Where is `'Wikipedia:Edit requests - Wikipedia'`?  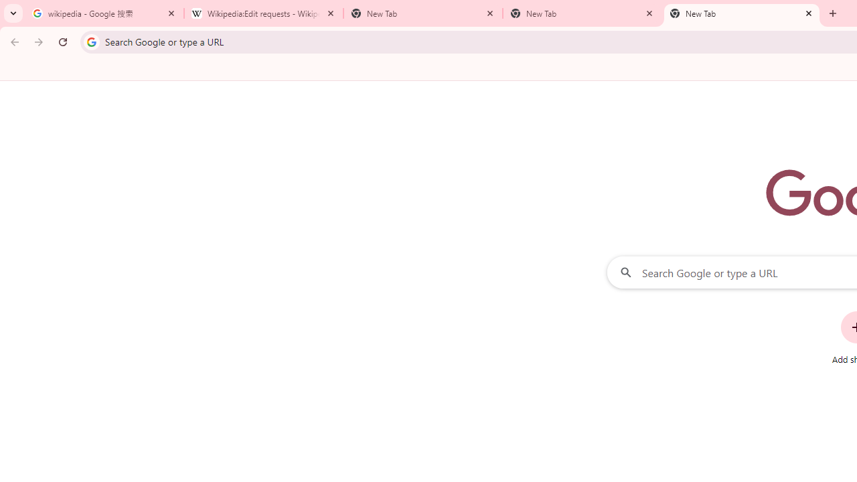
'Wikipedia:Edit requests - Wikipedia' is located at coordinates (264, 13).